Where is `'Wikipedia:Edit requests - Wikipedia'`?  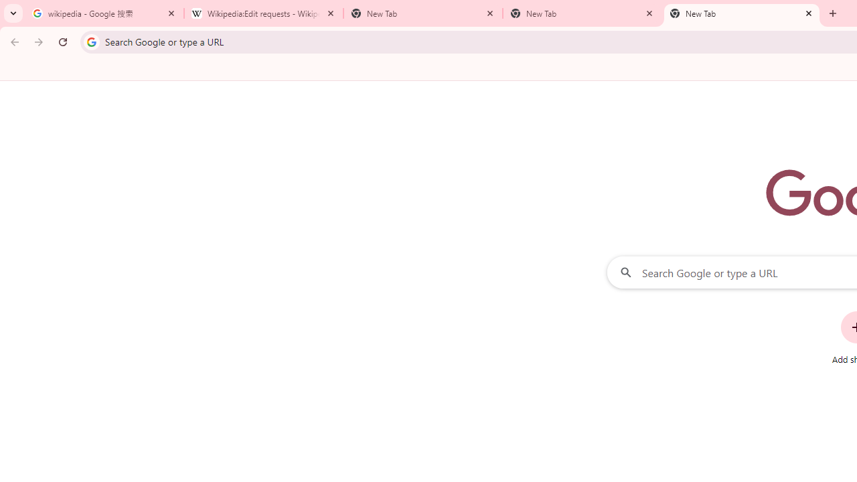
'Wikipedia:Edit requests - Wikipedia' is located at coordinates (264, 13).